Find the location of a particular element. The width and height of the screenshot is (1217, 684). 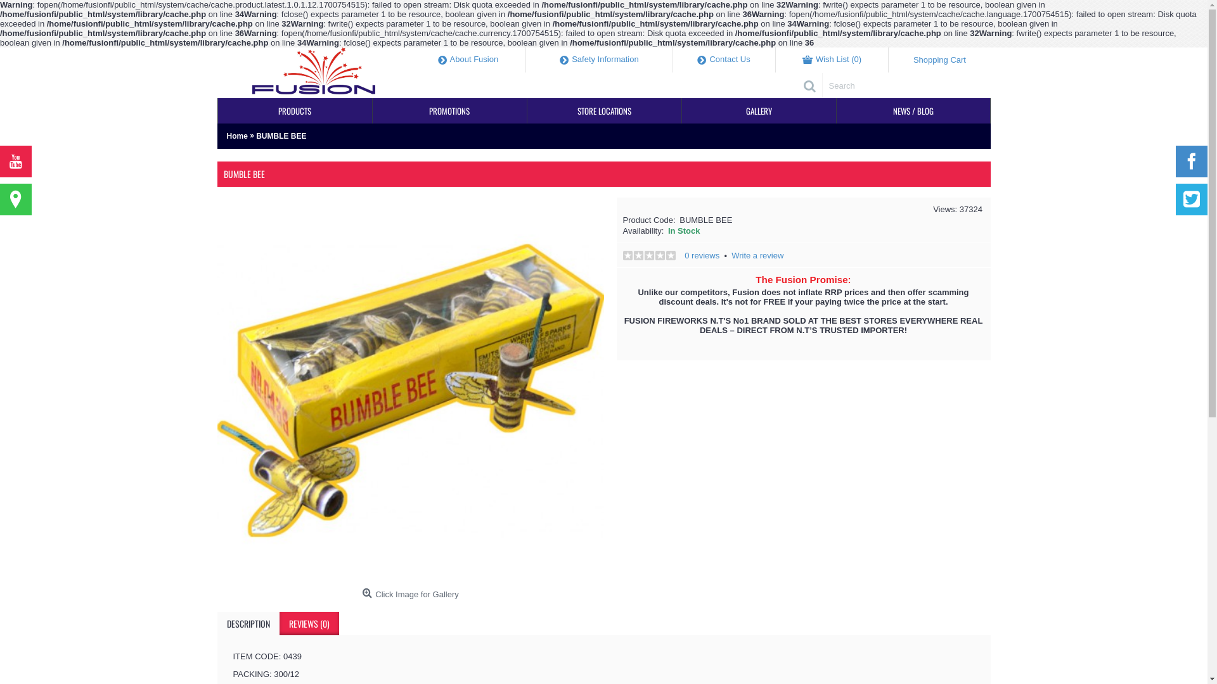

'Wish List (0)' is located at coordinates (832, 60).